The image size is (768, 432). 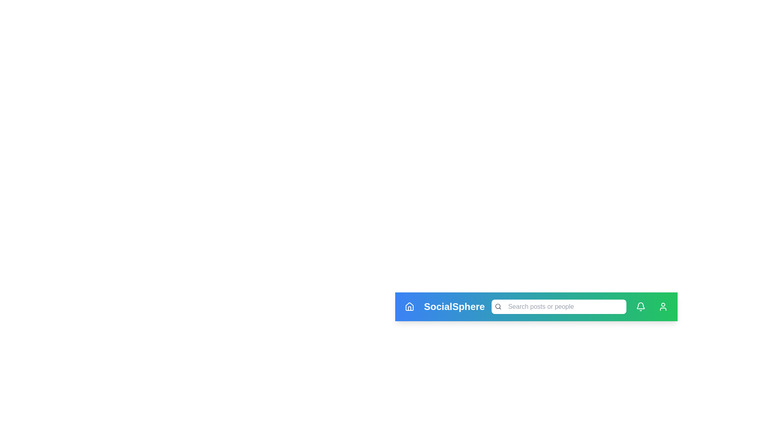 What do you see at coordinates (564, 306) in the screenshot?
I see `the search bar and type the query 'example query'` at bounding box center [564, 306].